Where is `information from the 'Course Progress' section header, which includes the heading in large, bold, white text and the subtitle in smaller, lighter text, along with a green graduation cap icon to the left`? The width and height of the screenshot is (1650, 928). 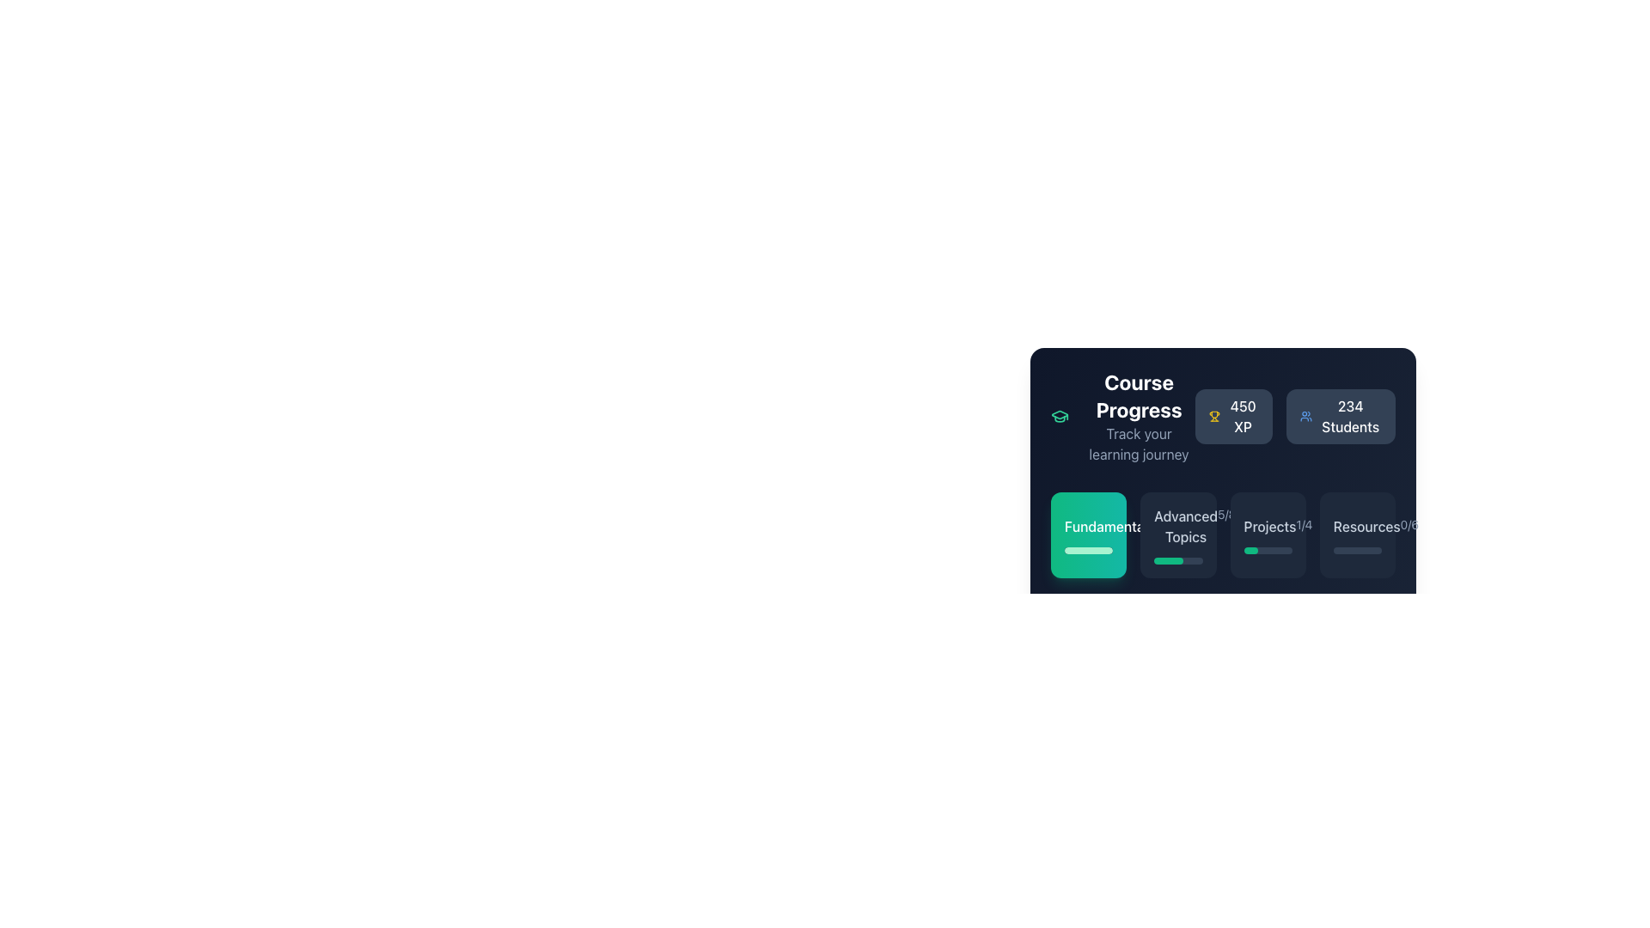
information from the 'Course Progress' section header, which includes the heading in large, bold, white text and the subtitle in smaller, lighter text, along with a green graduation cap icon to the left is located at coordinates (1122, 417).